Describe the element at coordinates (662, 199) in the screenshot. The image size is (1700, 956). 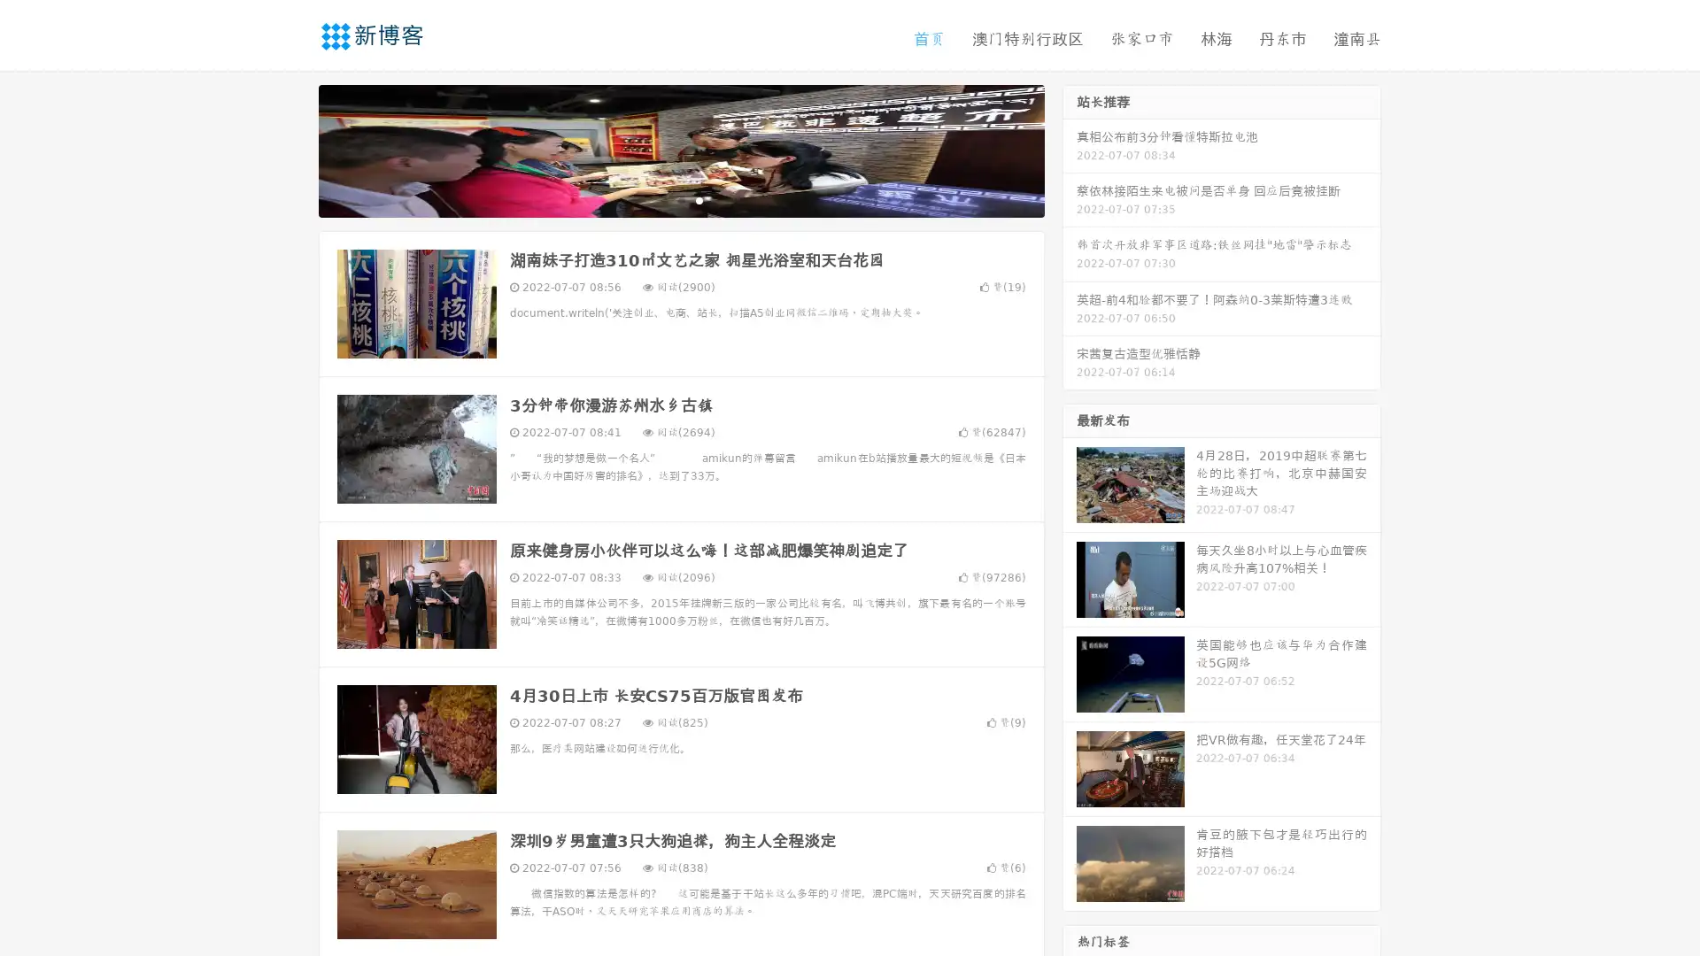
I see `Go to slide 1` at that location.